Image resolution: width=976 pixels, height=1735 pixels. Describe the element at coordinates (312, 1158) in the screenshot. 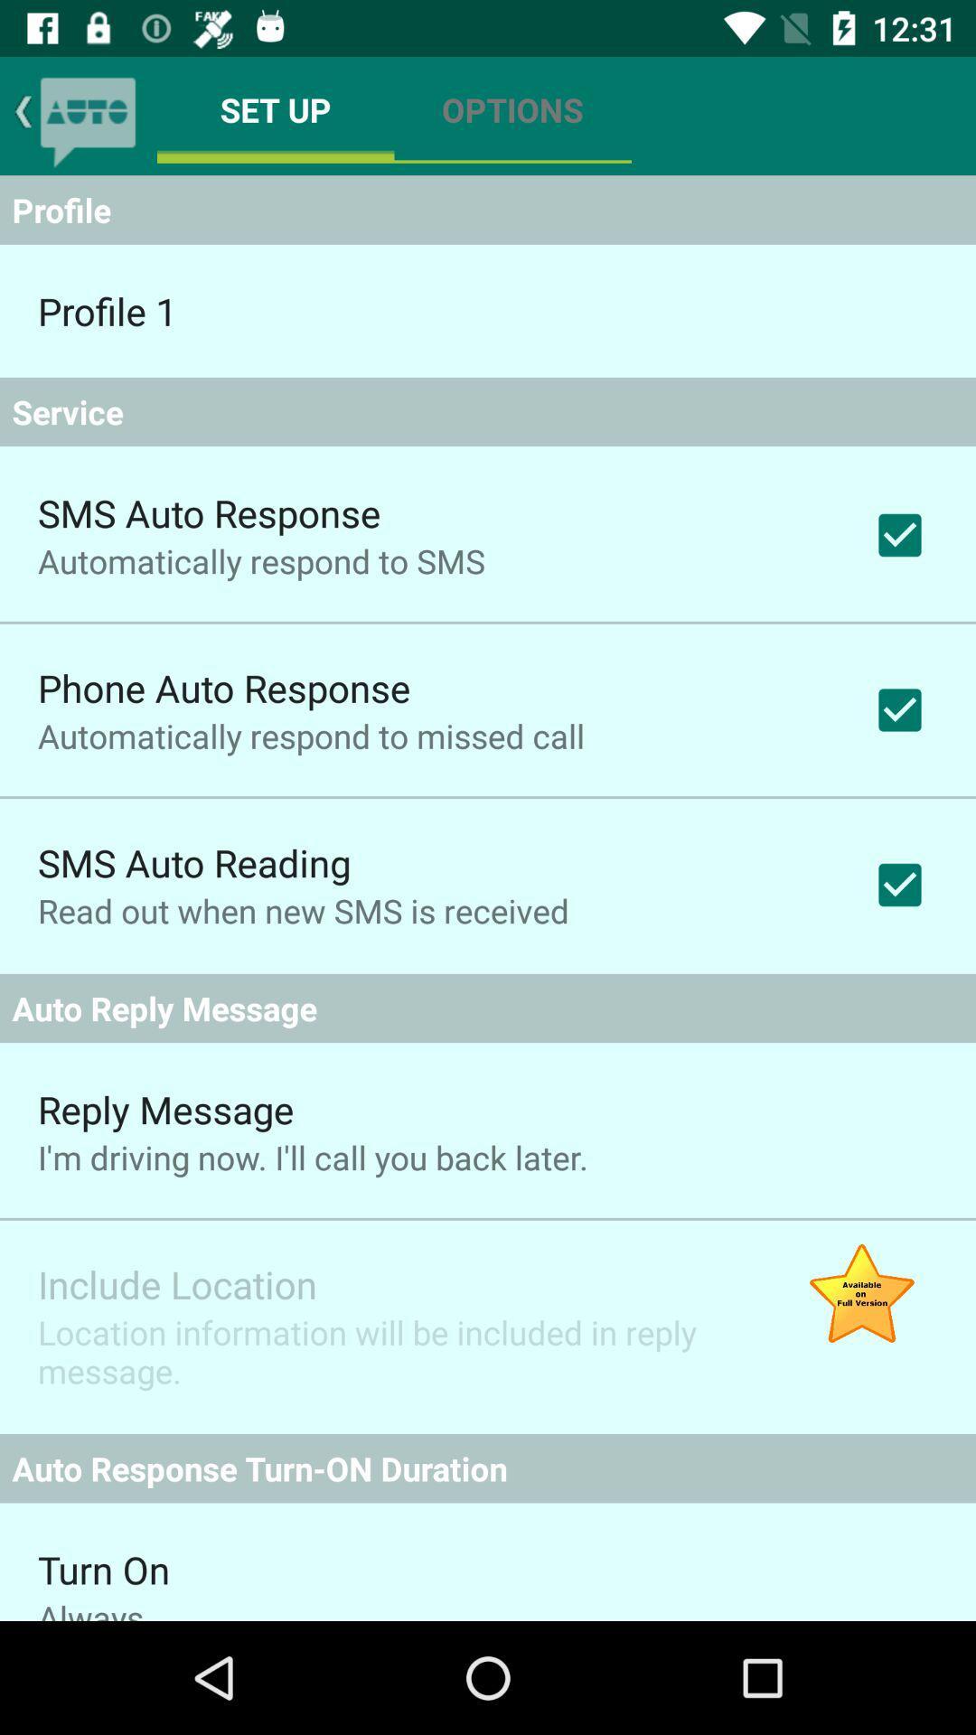

I see `the i m driving icon` at that location.